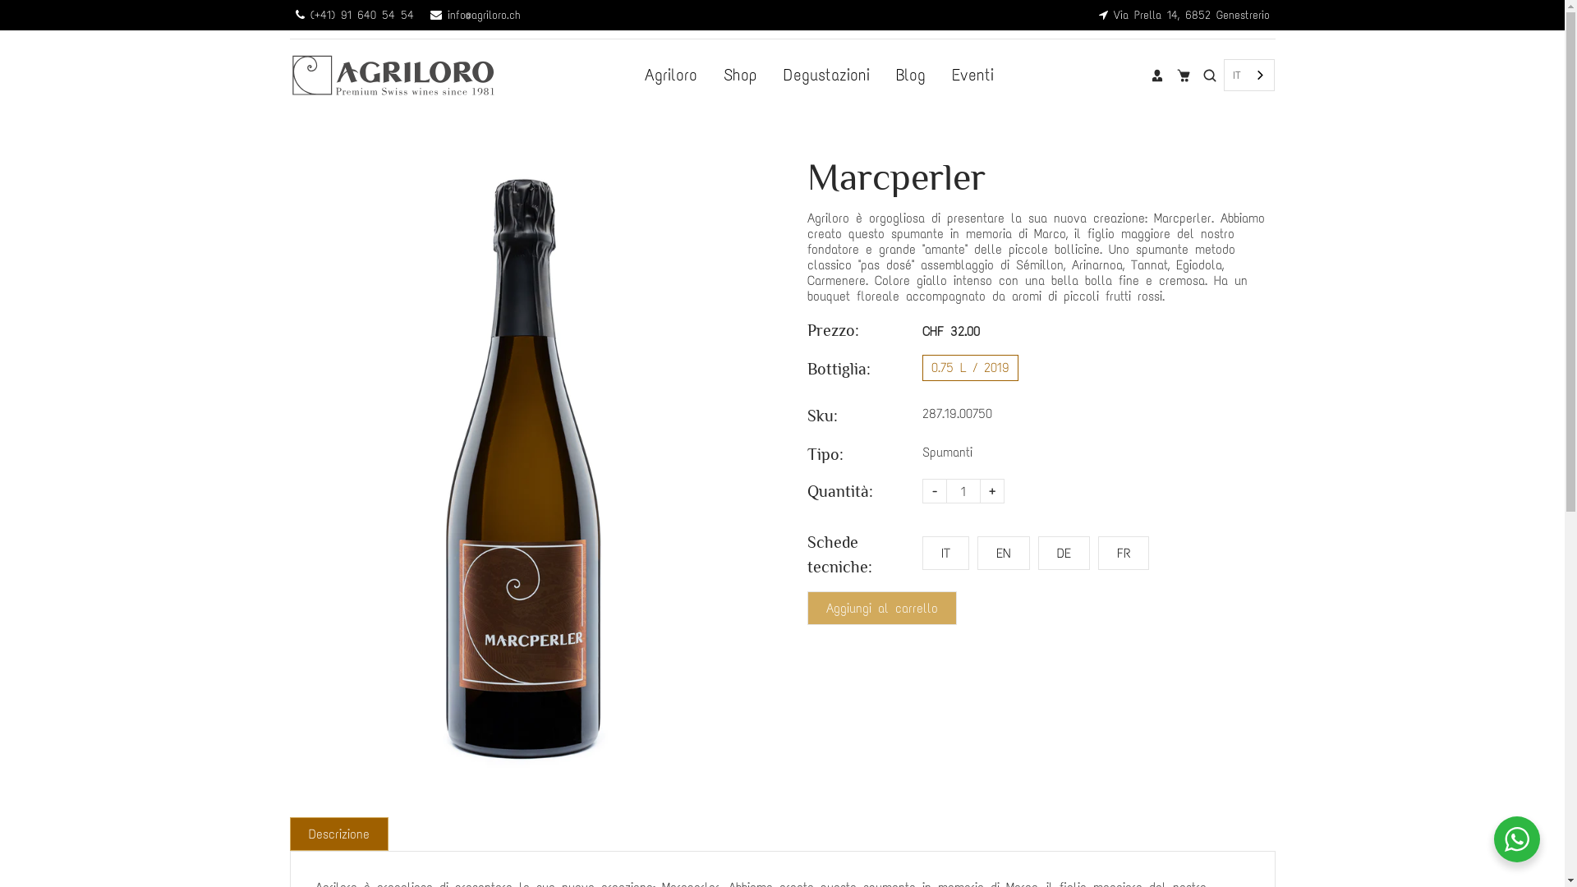 Image resolution: width=1577 pixels, height=887 pixels. I want to click on 'Descrizione', so click(338, 834).